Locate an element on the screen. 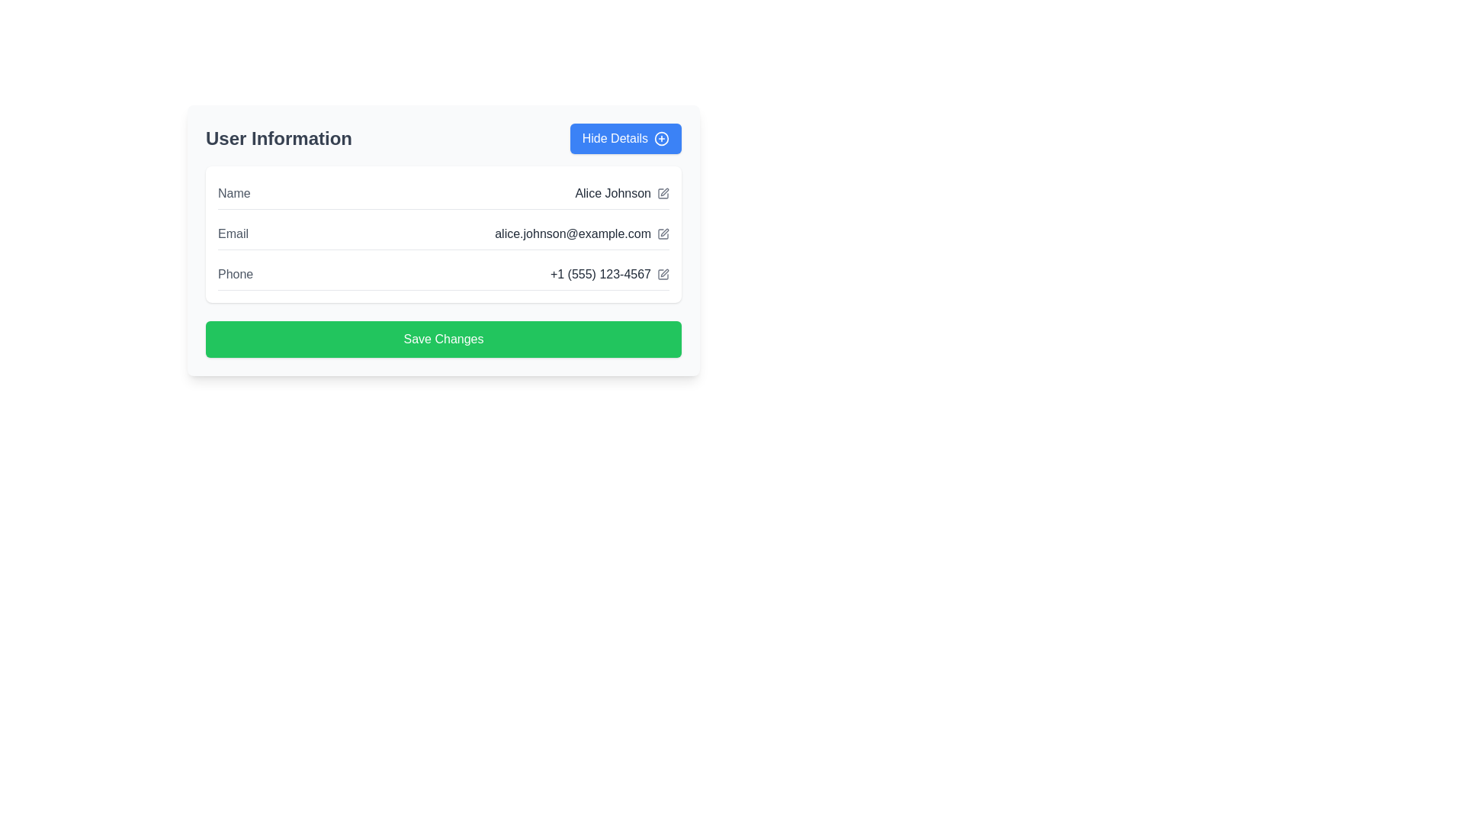 The image size is (1464, 824). the section header text label that describes the content below, positioned above the user data fields is located at coordinates (278, 138).